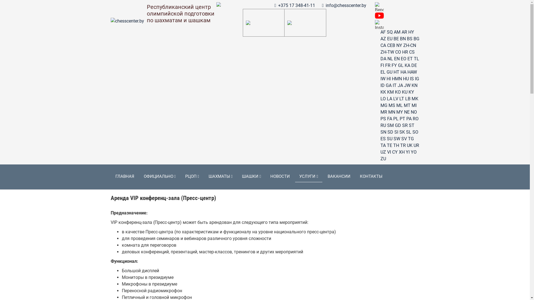 This screenshot has height=300, width=534. I want to click on '+375 17 348-41-11', so click(296, 5).